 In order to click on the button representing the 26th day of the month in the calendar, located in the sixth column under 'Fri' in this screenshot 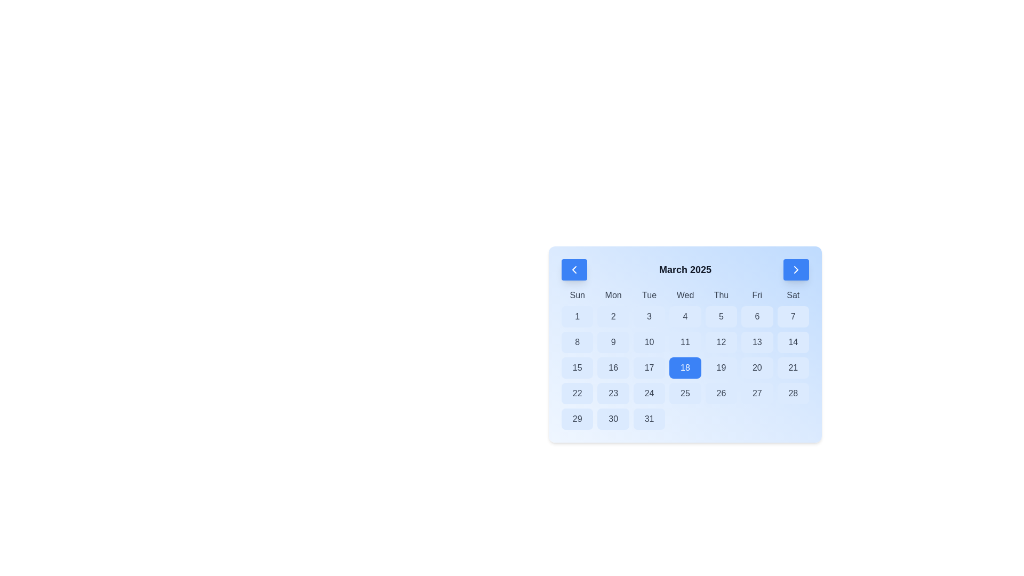, I will do `click(721, 393)`.